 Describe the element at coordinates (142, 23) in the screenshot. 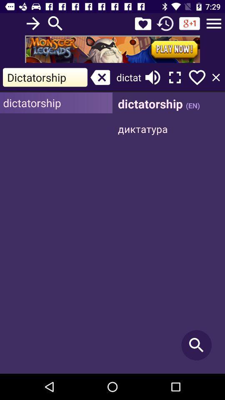

I see `favorites` at that location.